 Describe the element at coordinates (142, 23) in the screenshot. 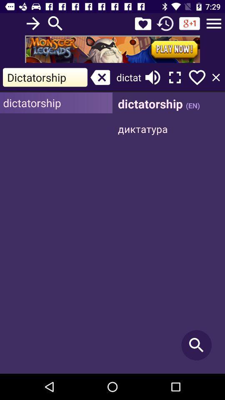

I see `favorites` at that location.